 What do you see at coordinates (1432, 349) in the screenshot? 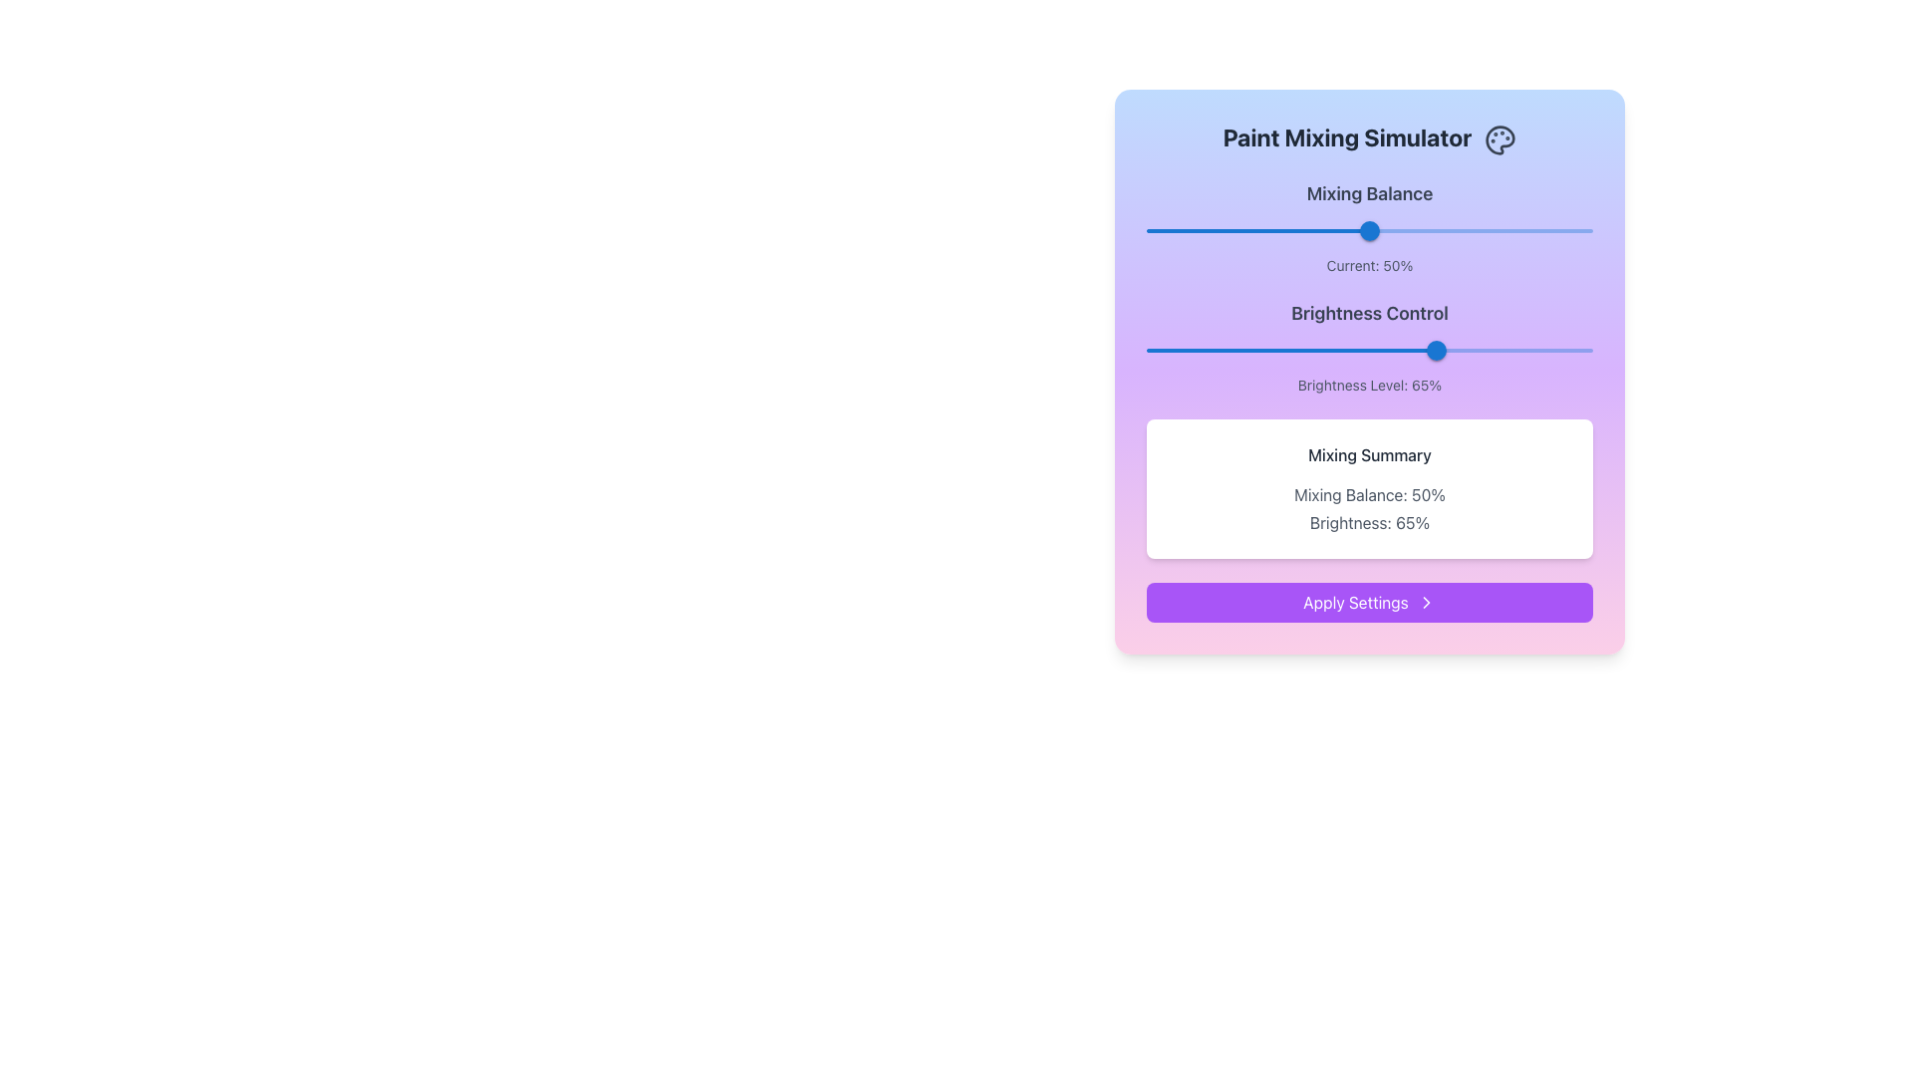
I see `the Brightness Control slider` at bounding box center [1432, 349].